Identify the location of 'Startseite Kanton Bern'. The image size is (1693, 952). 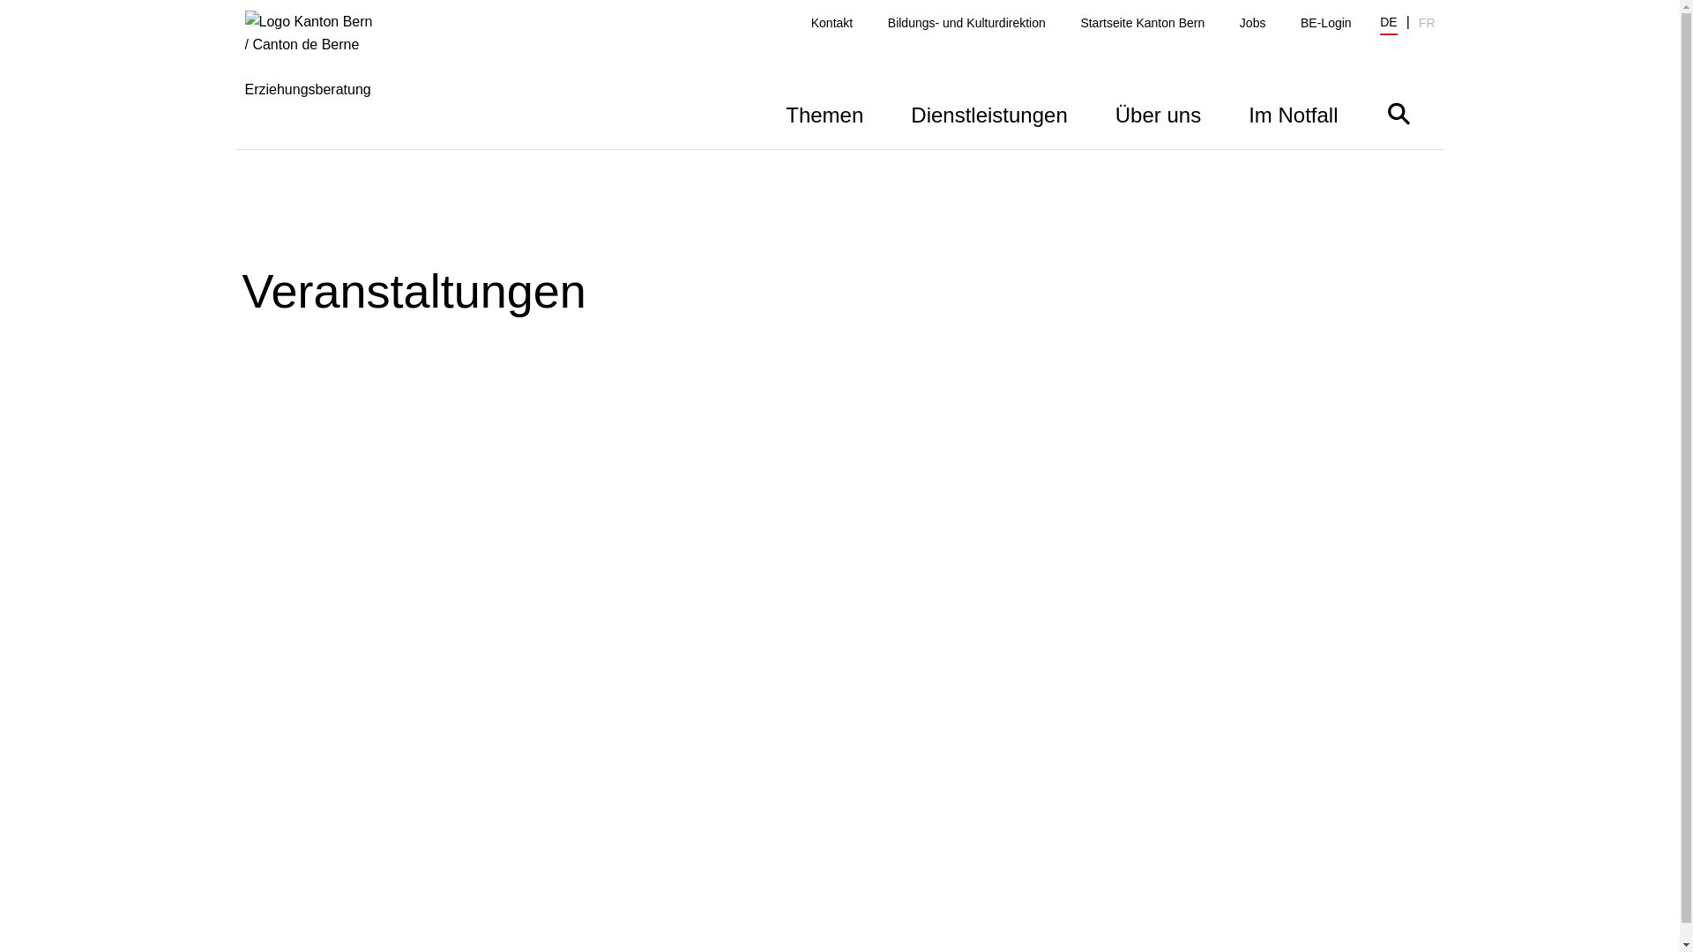
(1142, 23).